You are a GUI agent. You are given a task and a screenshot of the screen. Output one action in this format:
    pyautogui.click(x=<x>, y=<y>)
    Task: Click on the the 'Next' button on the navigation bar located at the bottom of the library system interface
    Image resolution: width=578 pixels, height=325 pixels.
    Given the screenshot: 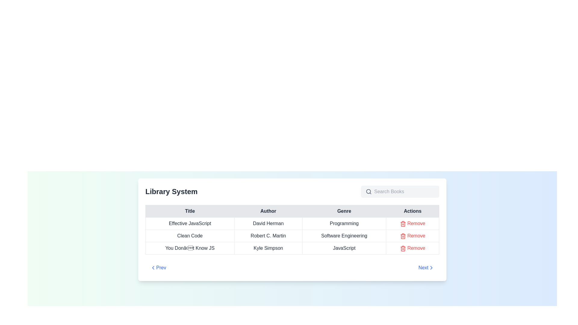 What is the action you would take?
    pyautogui.click(x=292, y=268)
    